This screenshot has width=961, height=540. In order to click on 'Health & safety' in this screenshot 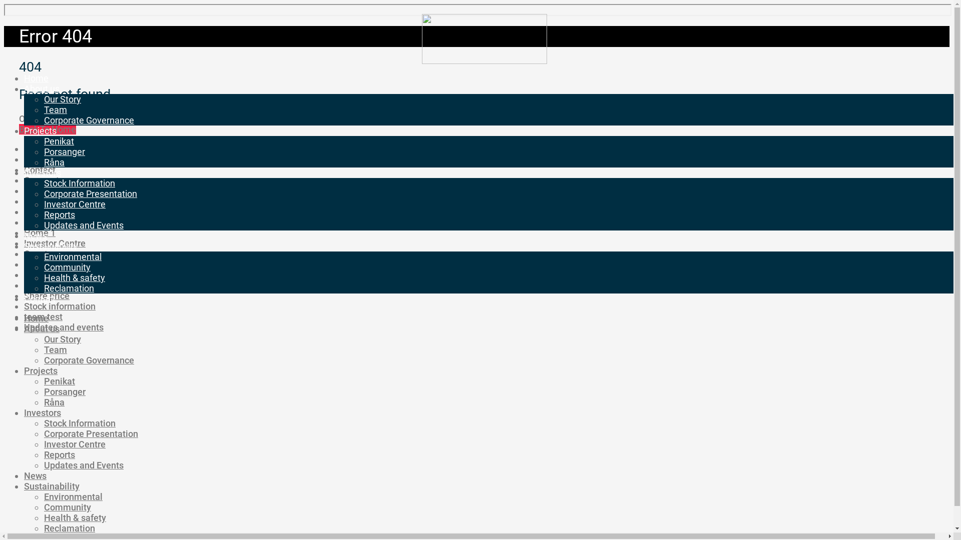, I will do `click(74, 277)`.